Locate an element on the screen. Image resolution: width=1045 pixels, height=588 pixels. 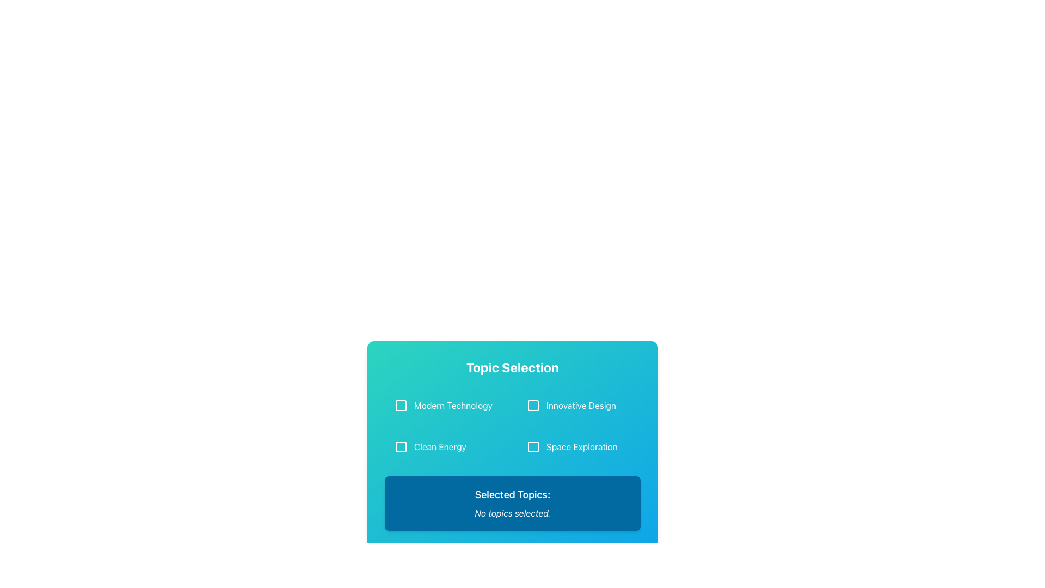
the second checkbox labeled 'Clean Energy' within the 'Topic Selection' section to deselect it is located at coordinates (401, 447).